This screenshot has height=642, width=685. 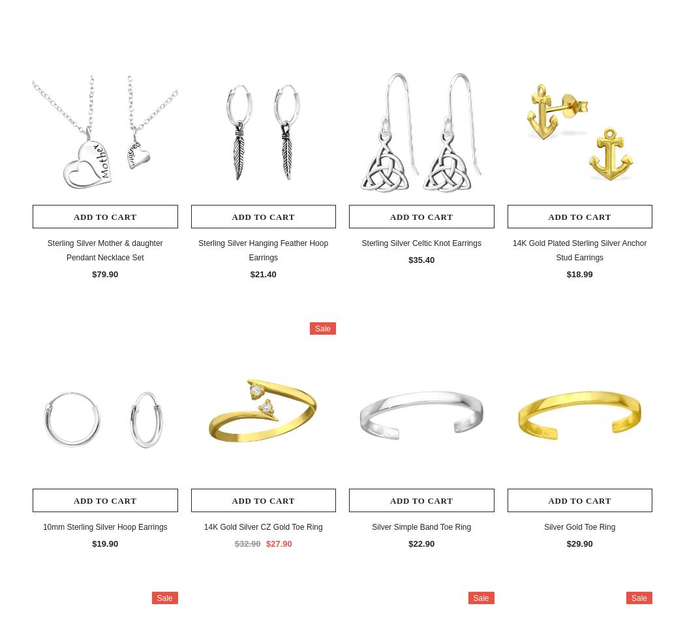 I want to click on '14K Gold Plated Sterling Silver Anchor Stud Earrings', so click(x=579, y=250).